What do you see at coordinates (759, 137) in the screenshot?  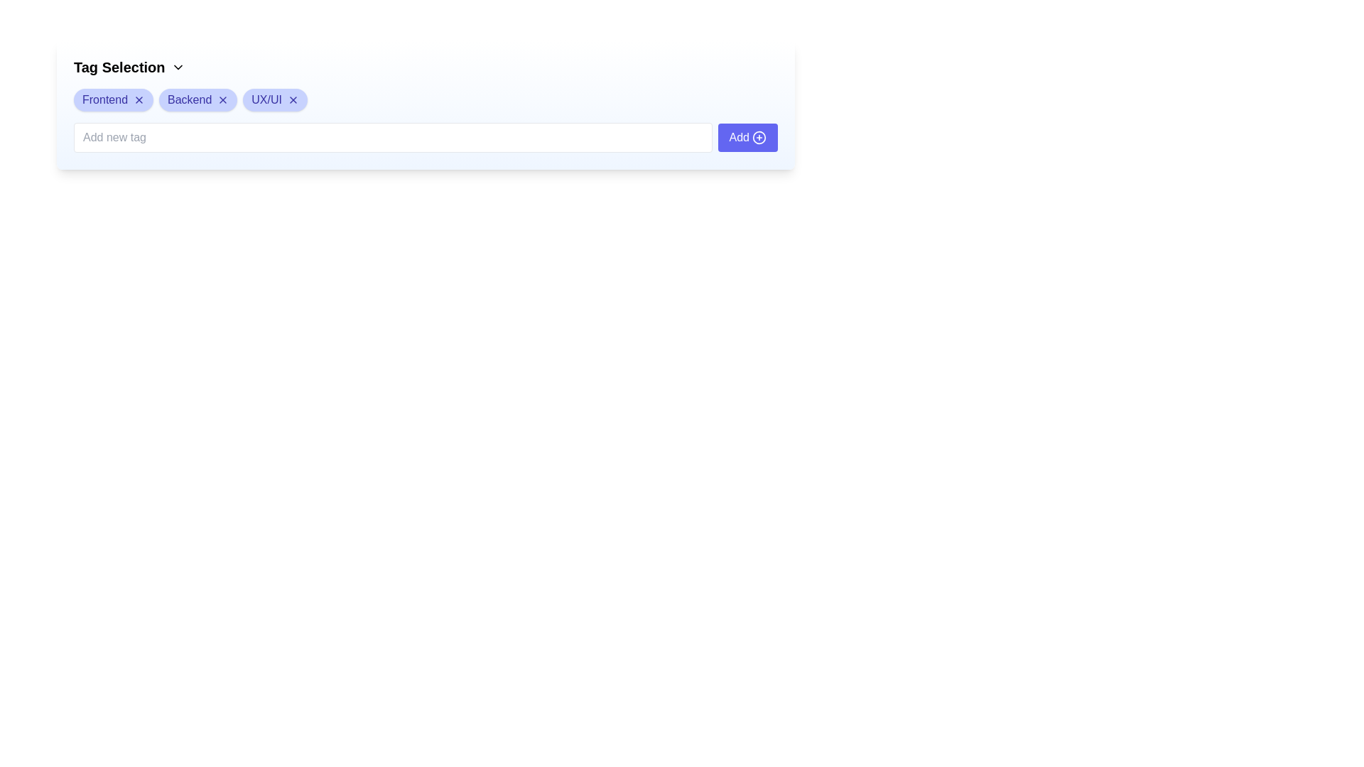 I see `the icon located to the right of the 'Add' button, which visually represents an action for adding or creating something new` at bounding box center [759, 137].